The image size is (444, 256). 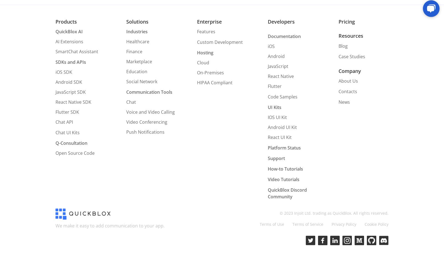 I want to click on '© 2023 Injoit Ltd. trading as QuickBlox. All rights reserved.', so click(x=334, y=213).